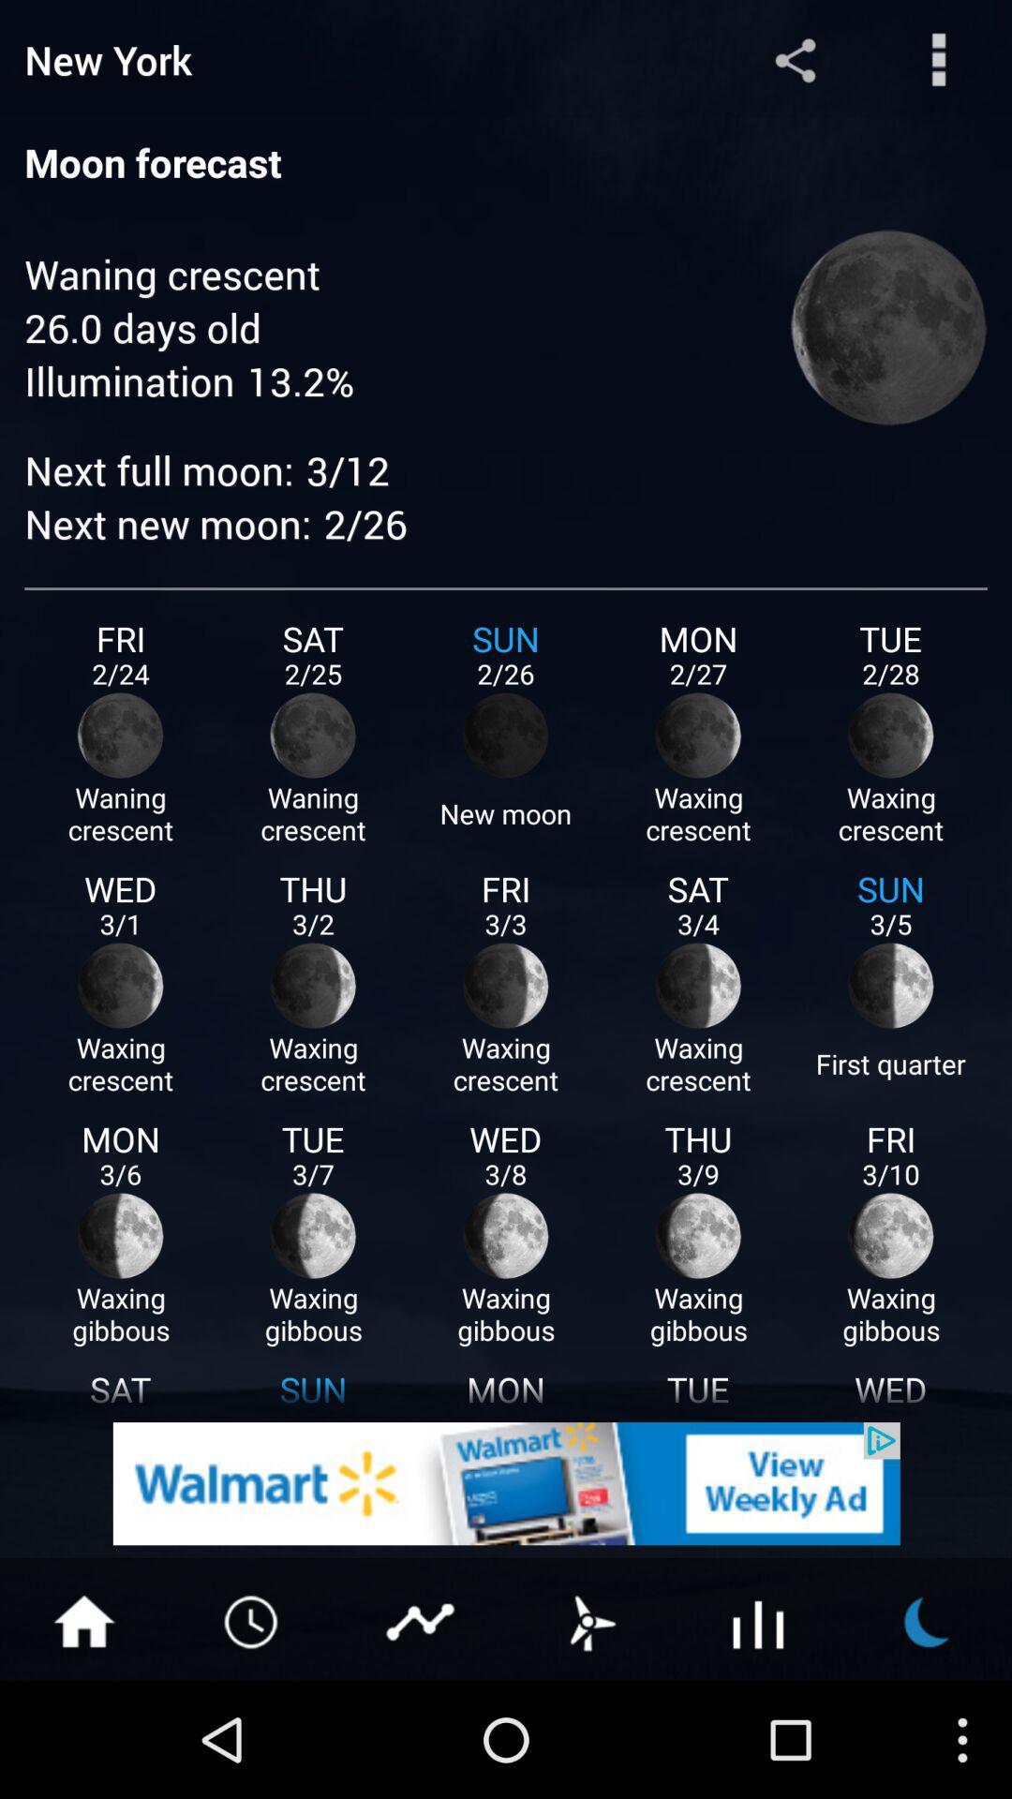  I want to click on the time icon, so click(253, 1732).